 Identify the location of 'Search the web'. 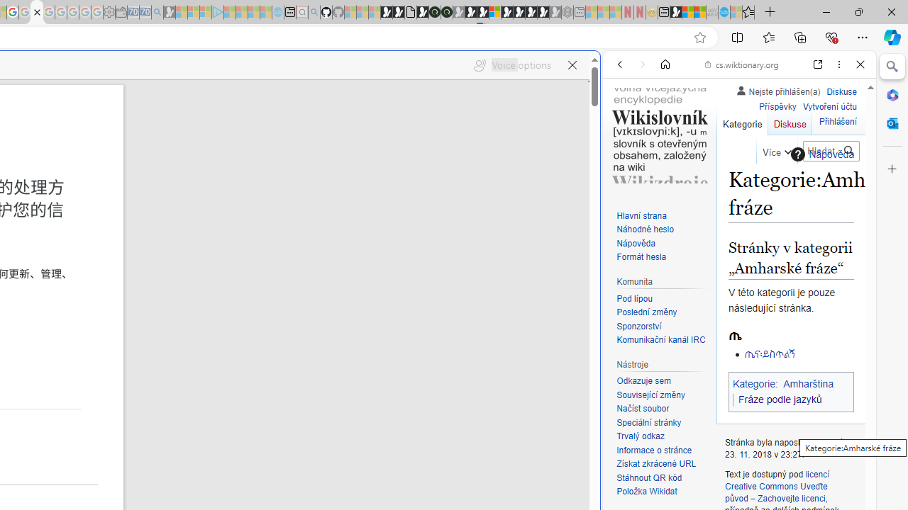
(746, 97).